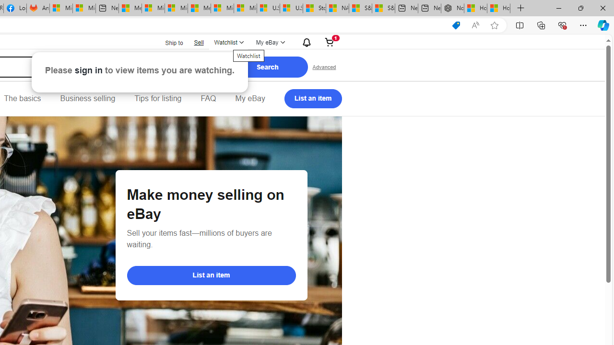  I want to click on 'Tips for listing', so click(158, 98).